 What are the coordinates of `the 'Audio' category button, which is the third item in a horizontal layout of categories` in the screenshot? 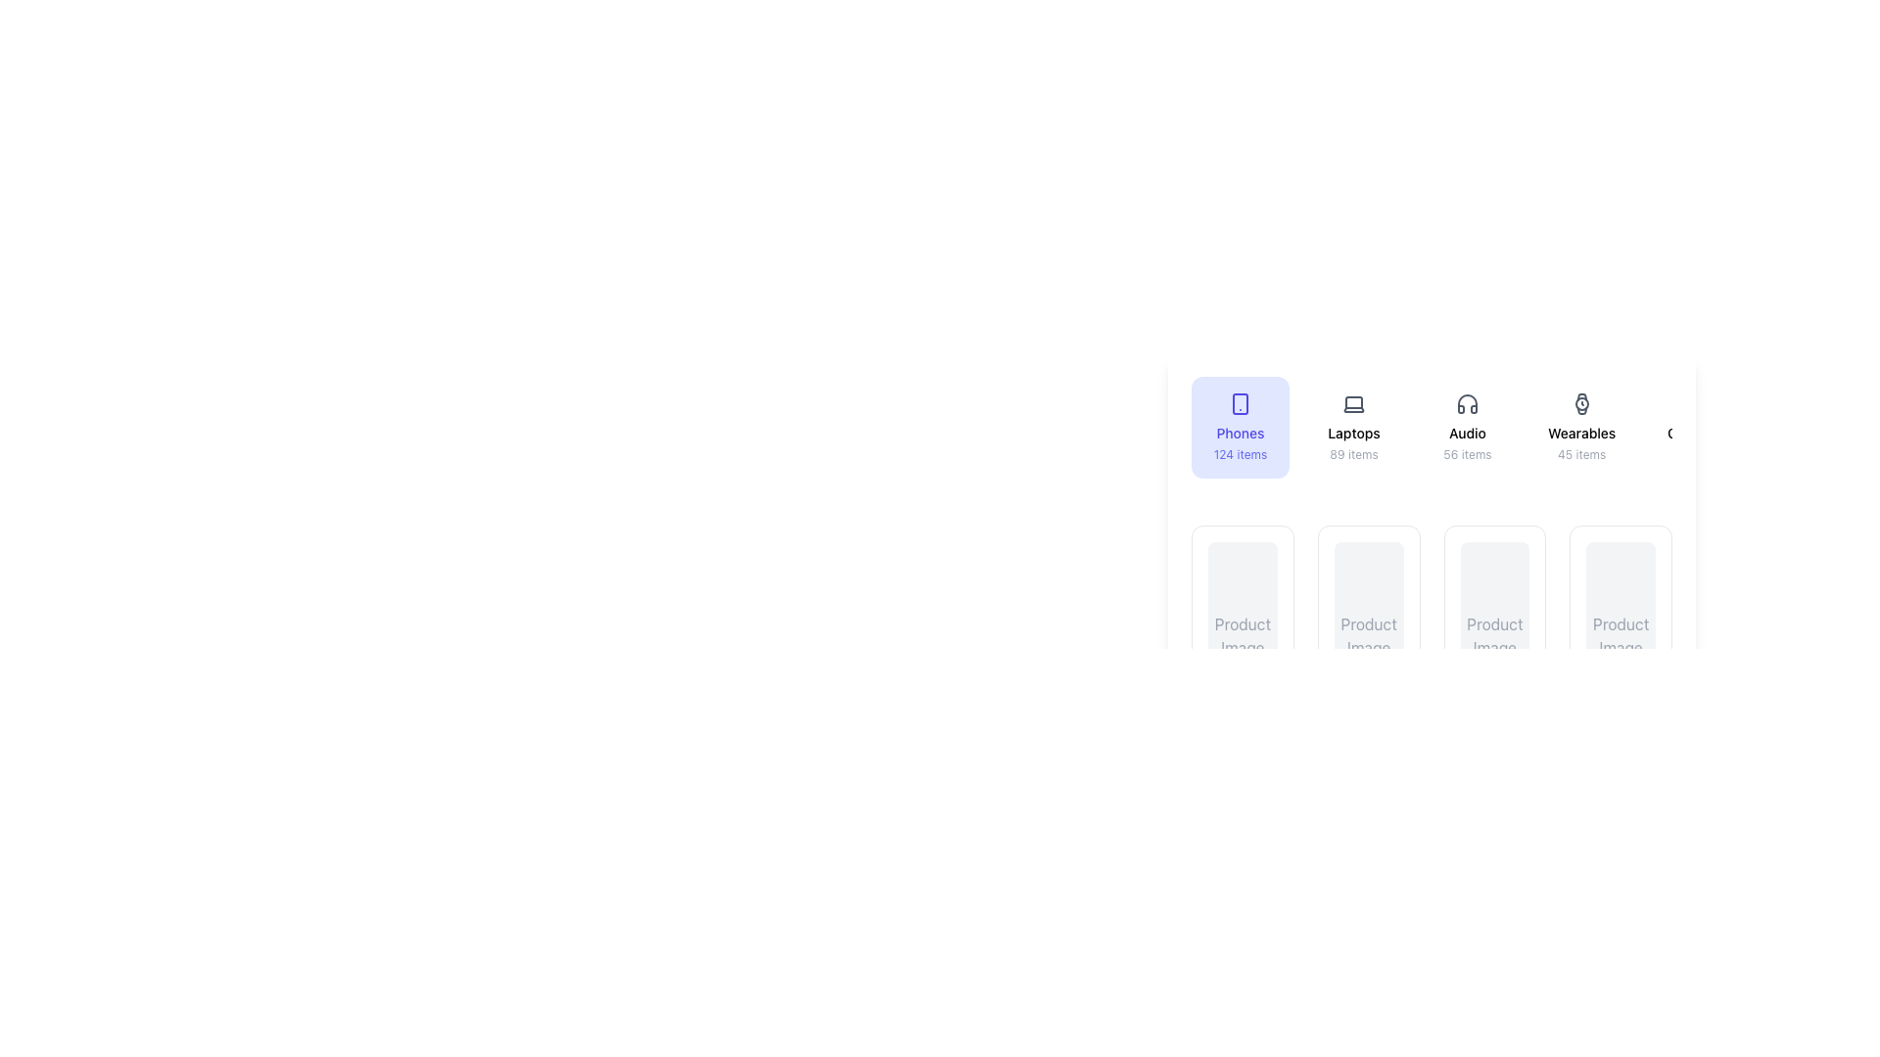 It's located at (1467, 426).